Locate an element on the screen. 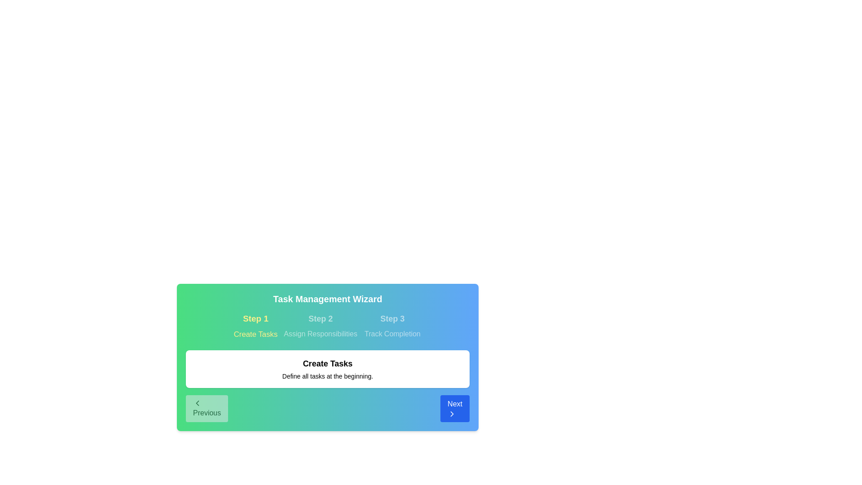  Next button to navigate through the steps is located at coordinates (455, 409).